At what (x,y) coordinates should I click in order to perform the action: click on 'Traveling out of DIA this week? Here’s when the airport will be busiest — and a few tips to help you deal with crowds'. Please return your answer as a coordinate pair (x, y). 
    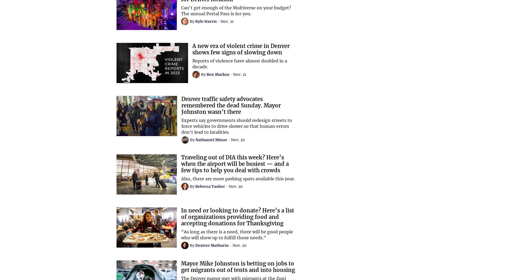
    Looking at the image, I should click on (235, 163).